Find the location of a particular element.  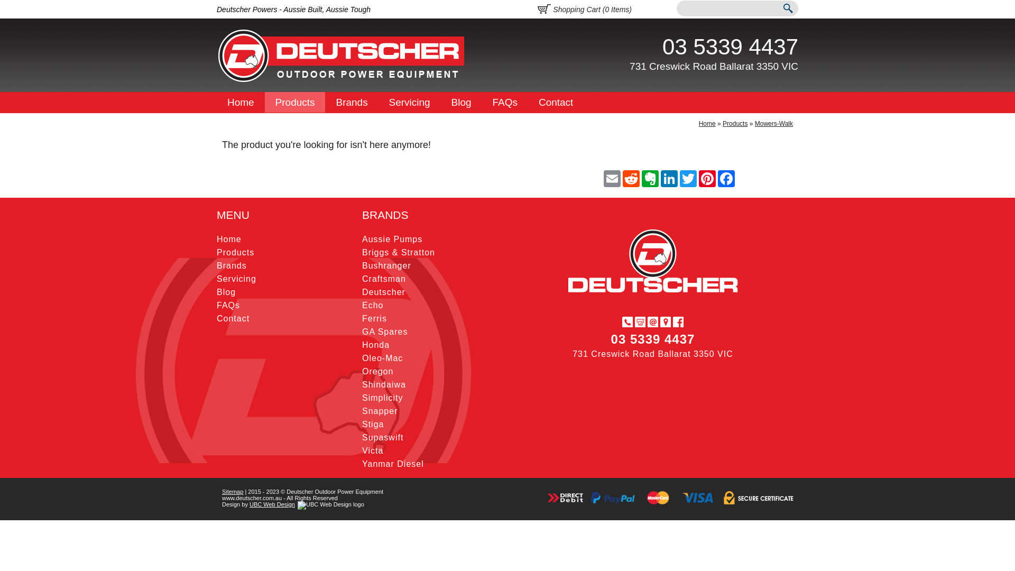

'Reddit' is located at coordinates (622, 178).